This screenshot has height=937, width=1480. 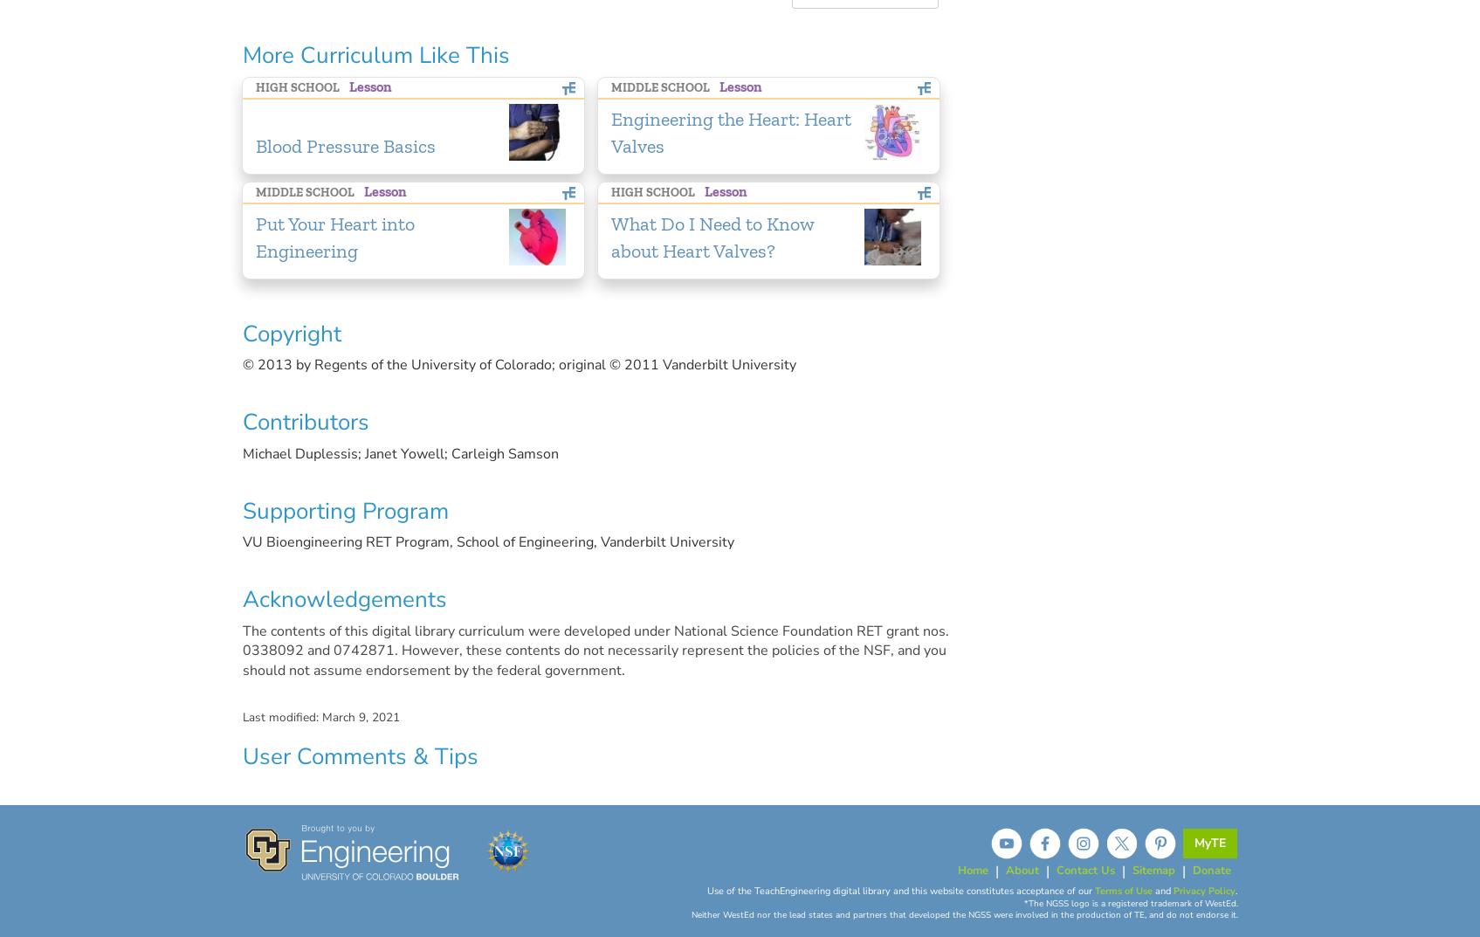 What do you see at coordinates (1202, 891) in the screenshot?
I see `'Privacy Policy'` at bounding box center [1202, 891].